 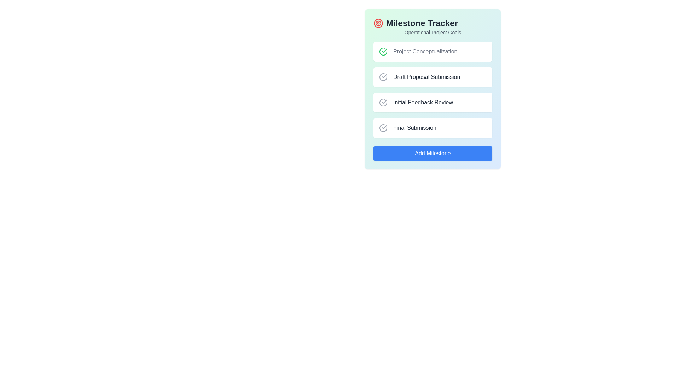 What do you see at coordinates (433, 51) in the screenshot?
I see `the completed milestone indicator box in the project tracking interface, which is the first item in the vertical list of milestones` at bounding box center [433, 51].